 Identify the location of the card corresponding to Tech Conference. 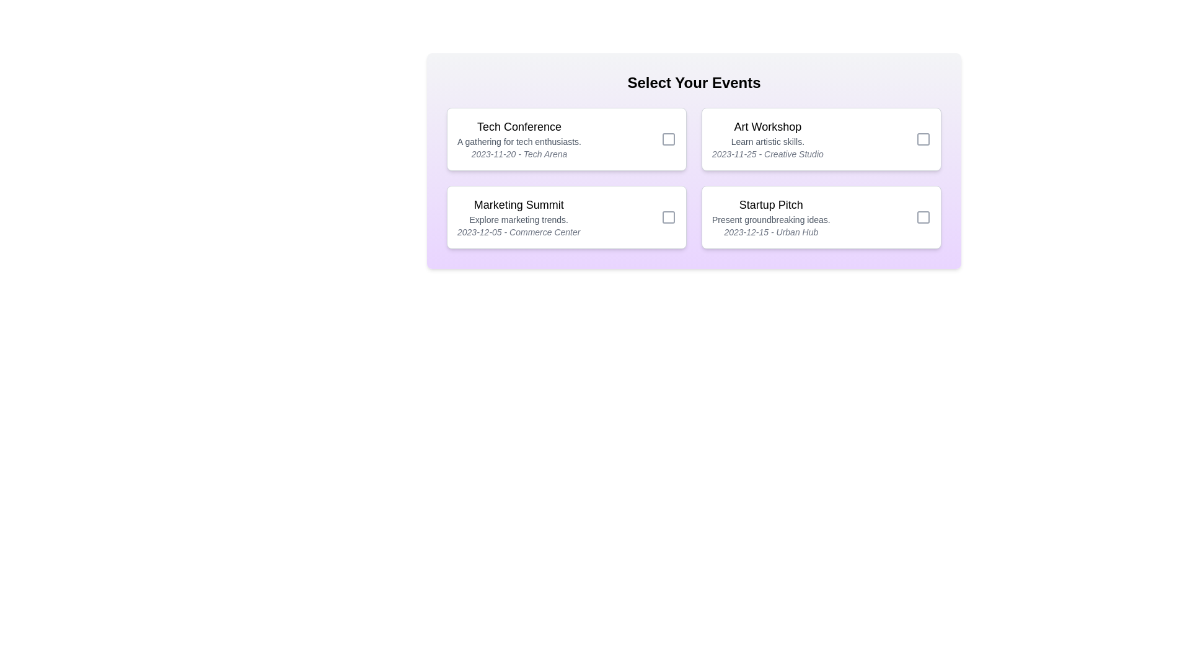
(566, 139).